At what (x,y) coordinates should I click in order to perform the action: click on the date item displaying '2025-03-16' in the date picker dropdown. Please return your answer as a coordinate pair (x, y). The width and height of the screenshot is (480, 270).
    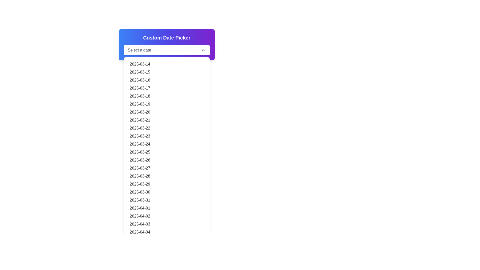
    Looking at the image, I should click on (167, 80).